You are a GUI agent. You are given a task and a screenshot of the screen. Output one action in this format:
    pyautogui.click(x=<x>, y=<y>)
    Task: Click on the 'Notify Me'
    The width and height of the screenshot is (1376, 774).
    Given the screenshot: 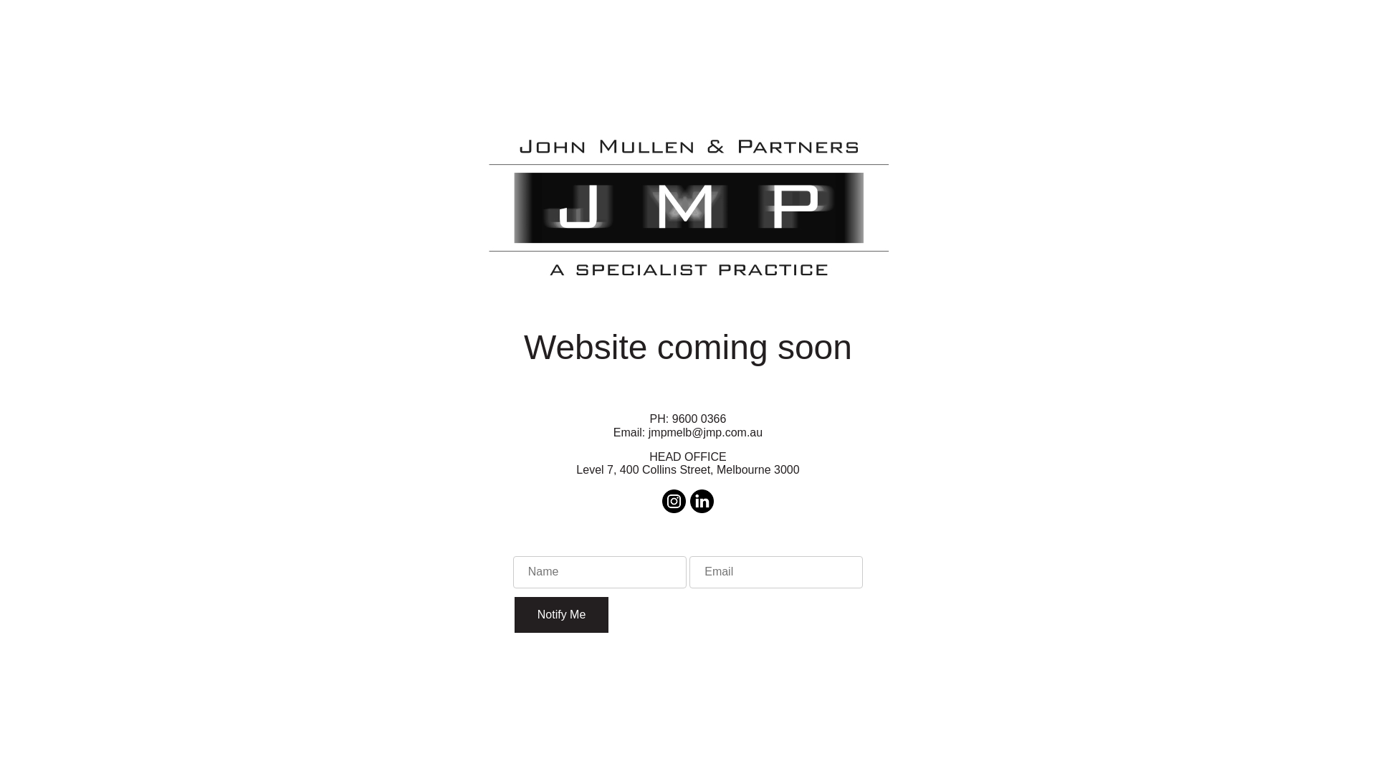 What is the action you would take?
    pyautogui.click(x=560, y=613)
    